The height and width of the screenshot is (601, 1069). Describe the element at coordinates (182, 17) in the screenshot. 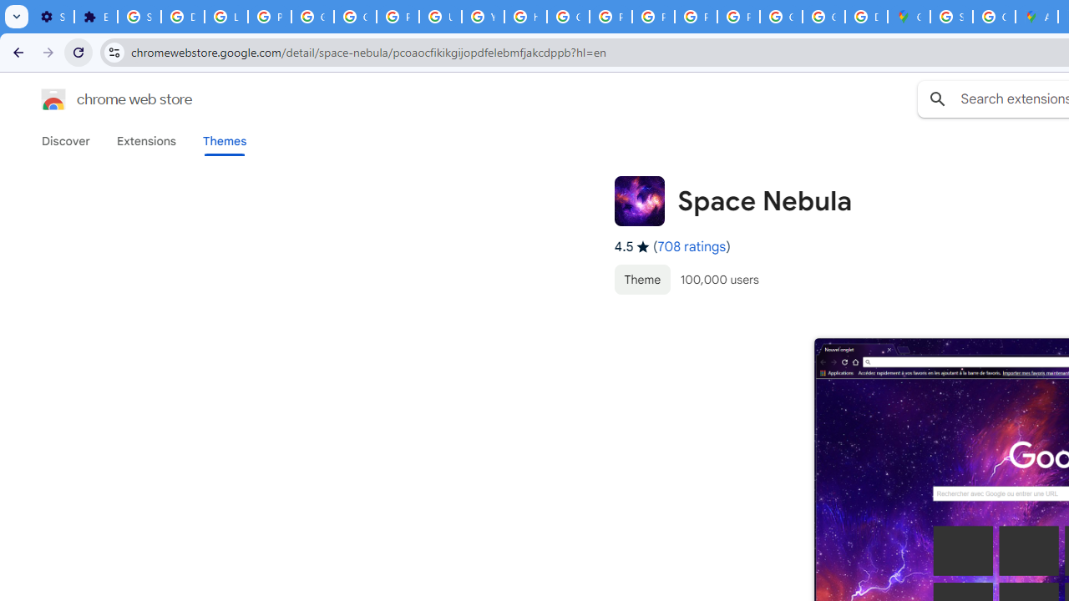

I see `'Delete photos & videos - Computer - Google Photos Help'` at that location.